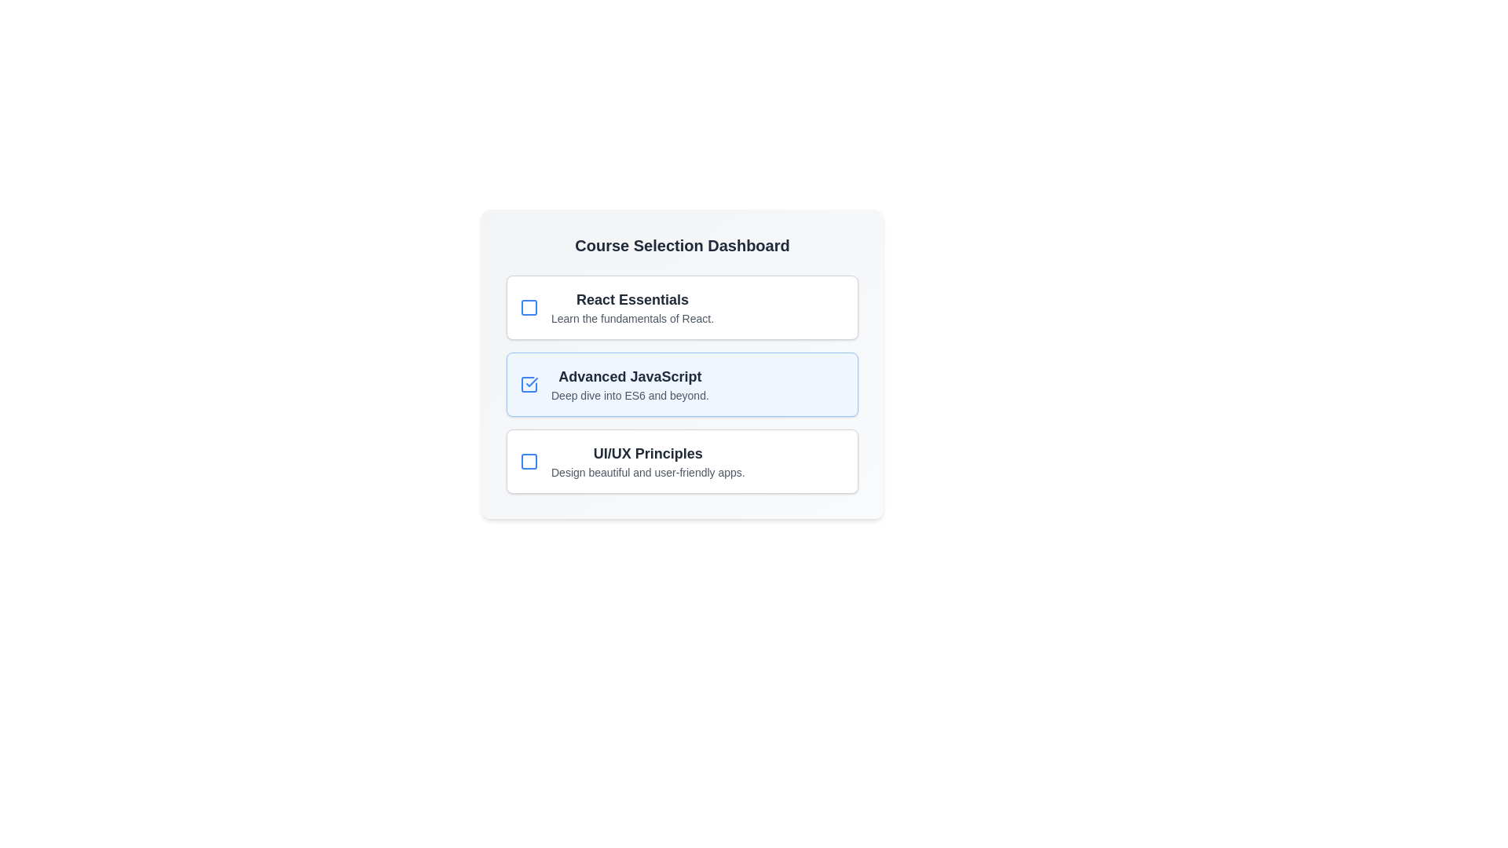  I want to click on the text block displaying the title and description of the 'React Essentials' course, which is the first item in a list of course options, so click(632, 308).